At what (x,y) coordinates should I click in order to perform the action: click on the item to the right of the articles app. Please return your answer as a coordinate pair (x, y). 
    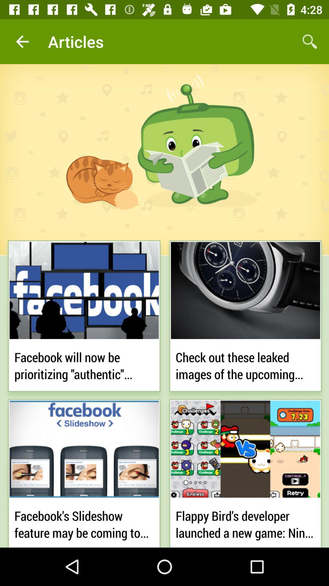
    Looking at the image, I should click on (310, 41).